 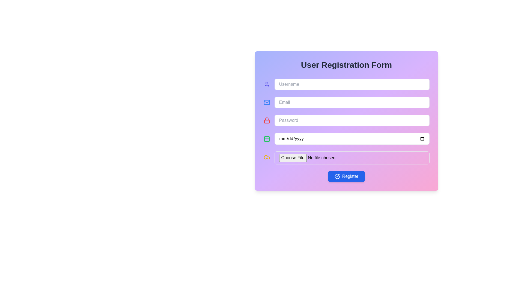 What do you see at coordinates (346, 176) in the screenshot?
I see `the submission button located centrally at the bottom of the registration form` at bounding box center [346, 176].